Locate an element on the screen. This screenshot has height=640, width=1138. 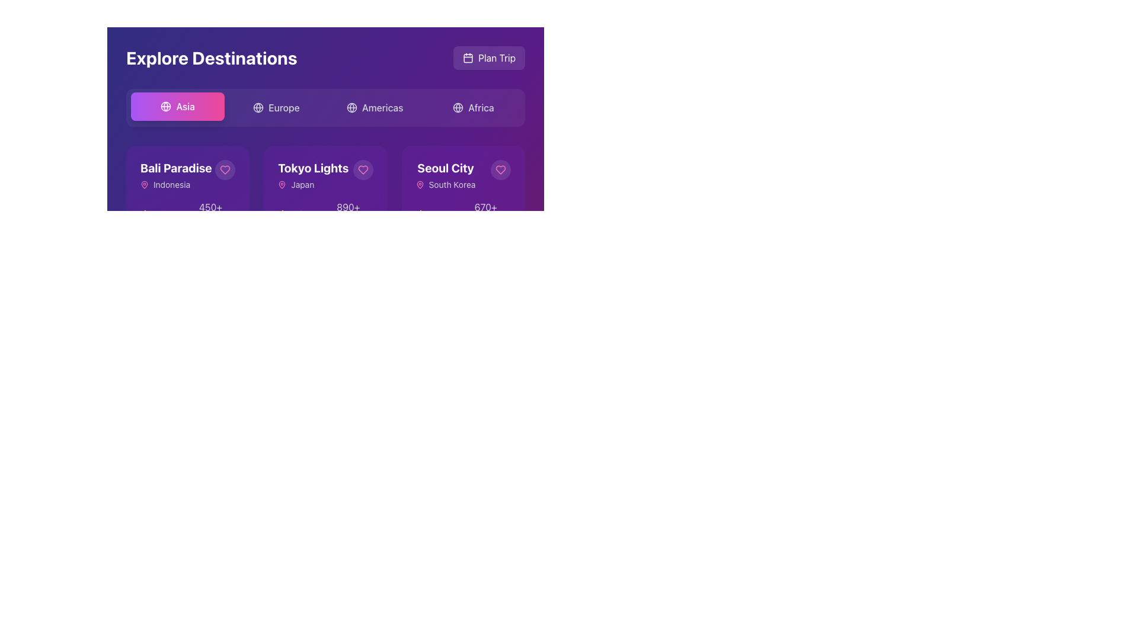
the 'Europe' navigation button located between the 'Asia' and 'Americas' buttons is located at coordinates (276, 107).